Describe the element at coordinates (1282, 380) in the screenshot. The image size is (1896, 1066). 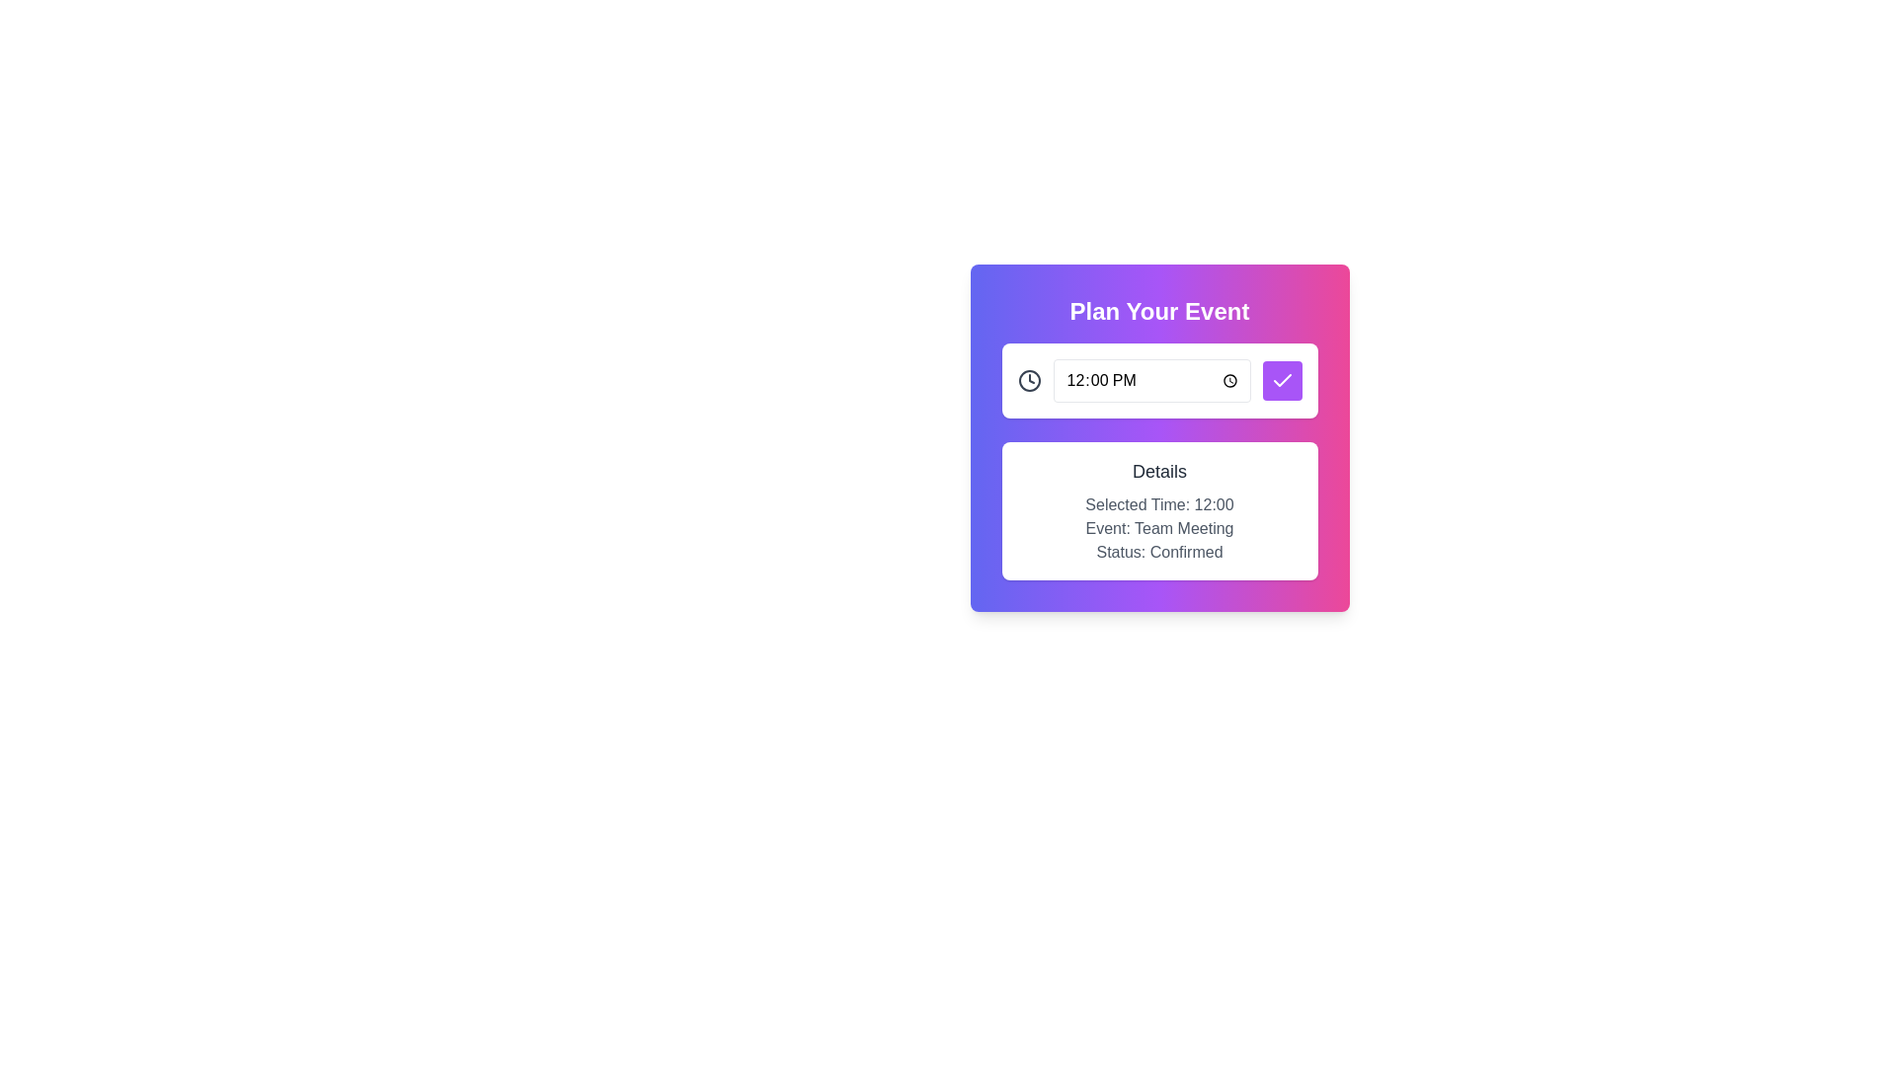
I see `the purple button with a white checkmark icon to observe any interactive effects` at that location.